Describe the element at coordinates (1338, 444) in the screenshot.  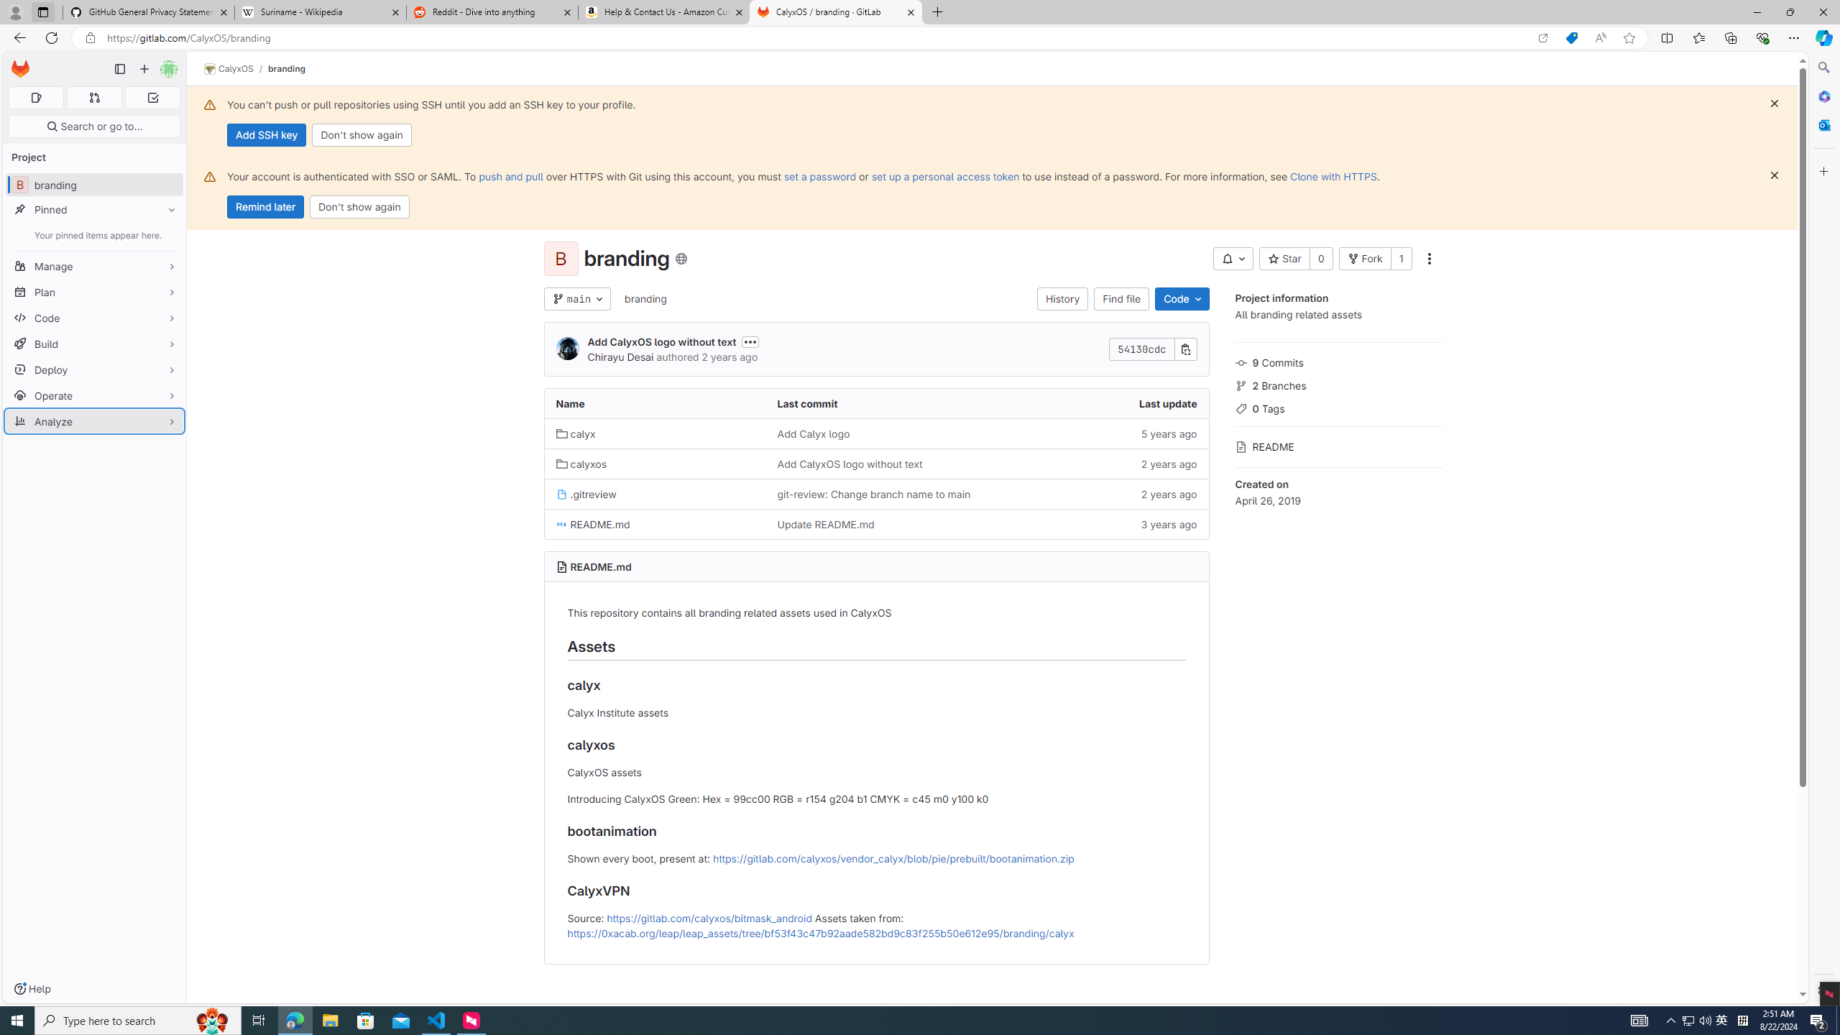
I see `'README'` at that location.